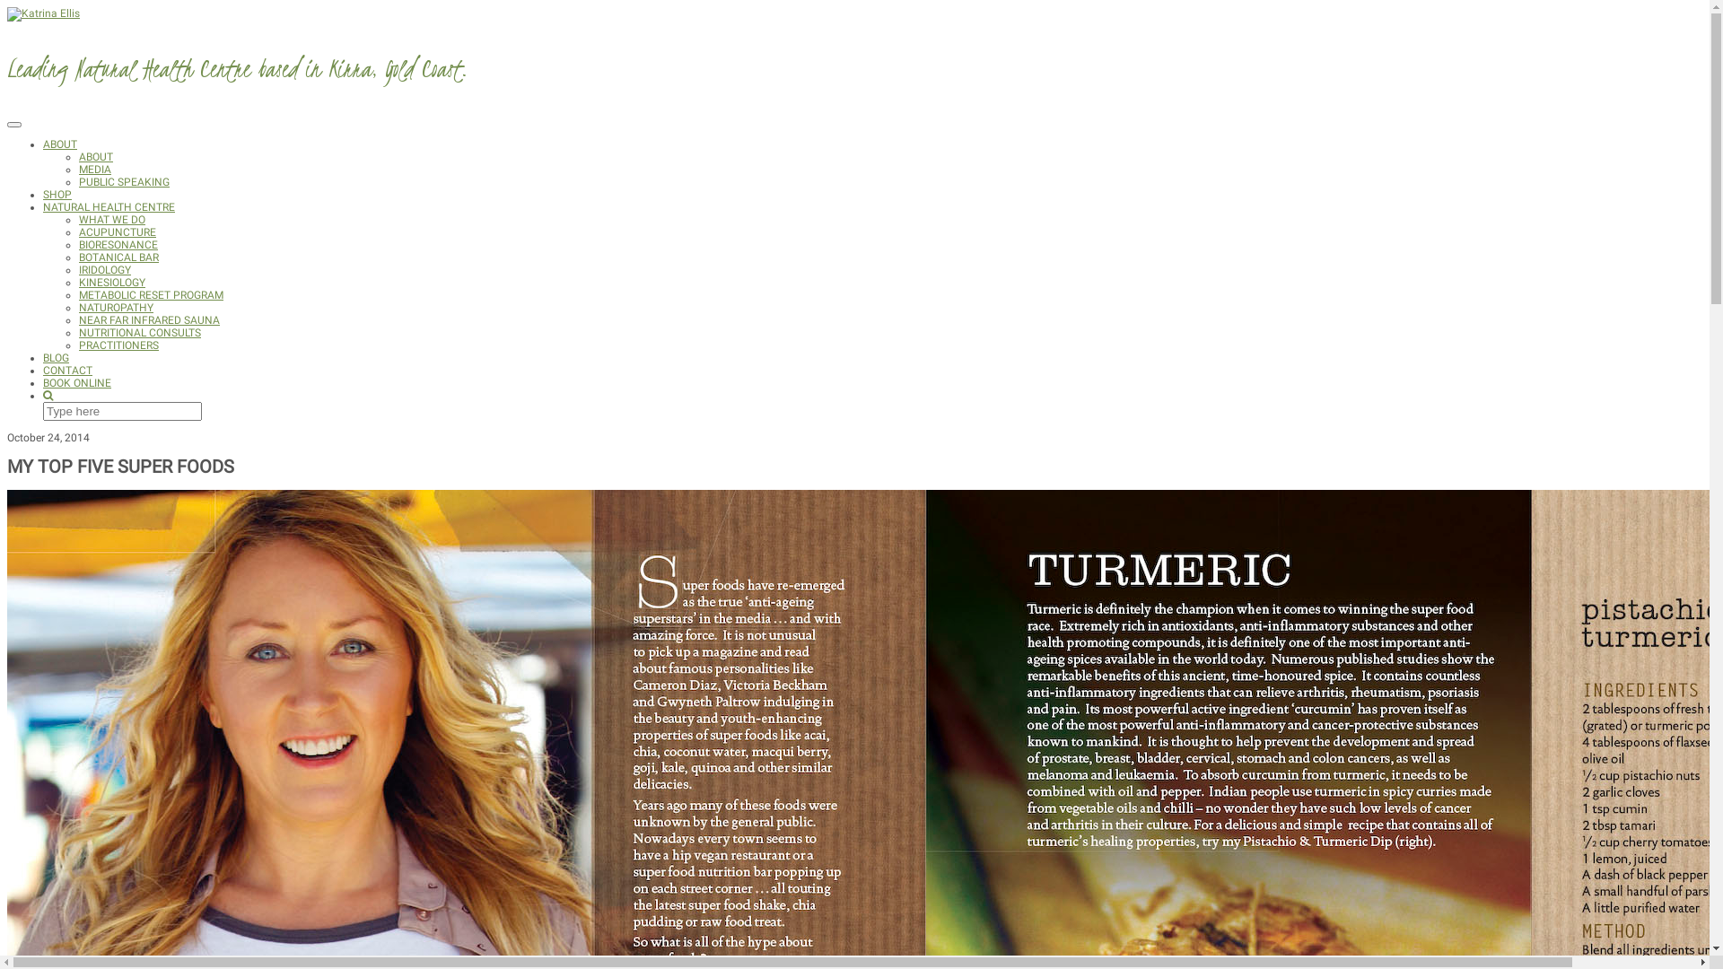 The width and height of the screenshot is (1723, 969). I want to click on 'NUTRITIONAL CONSULTS', so click(139, 332).